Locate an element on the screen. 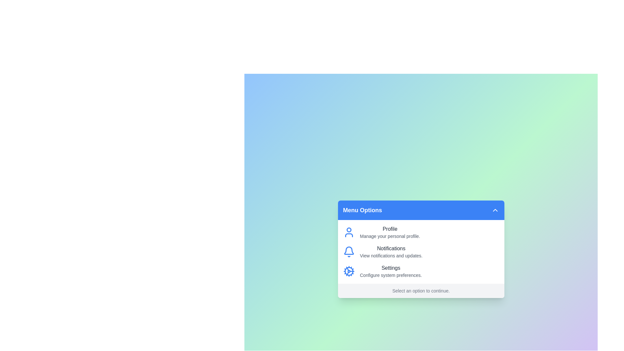 This screenshot has width=624, height=351. the menu option Settings from the list is located at coordinates (390, 271).